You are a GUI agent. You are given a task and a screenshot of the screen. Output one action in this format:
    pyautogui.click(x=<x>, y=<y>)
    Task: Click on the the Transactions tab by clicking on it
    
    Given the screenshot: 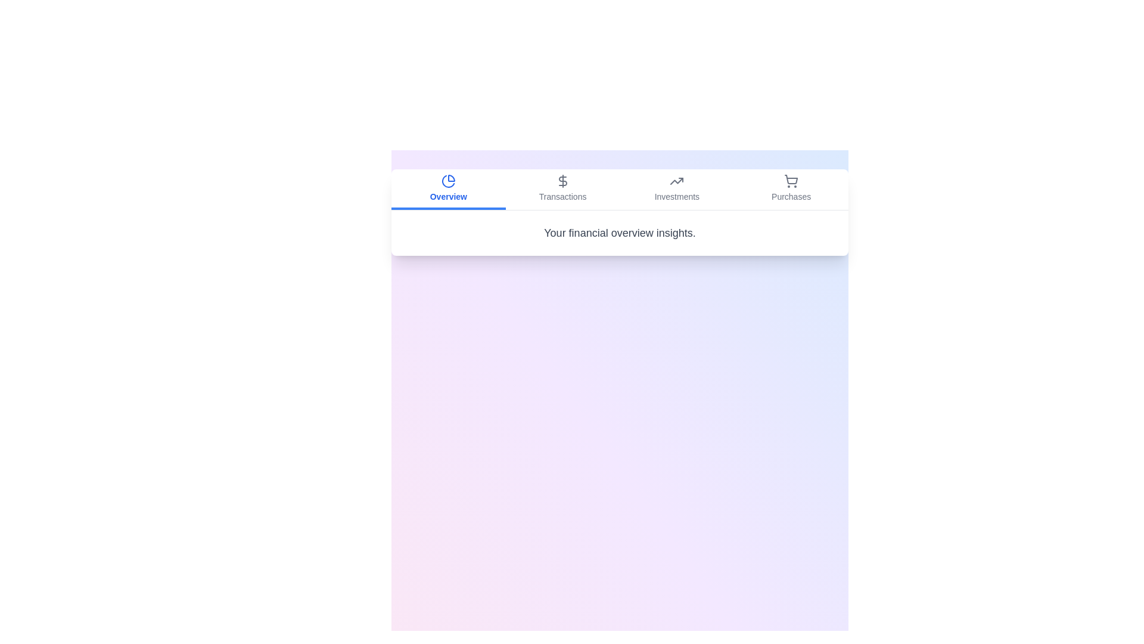 What is the action you would take?
    pyautogui.click(x=562, y=188)
    